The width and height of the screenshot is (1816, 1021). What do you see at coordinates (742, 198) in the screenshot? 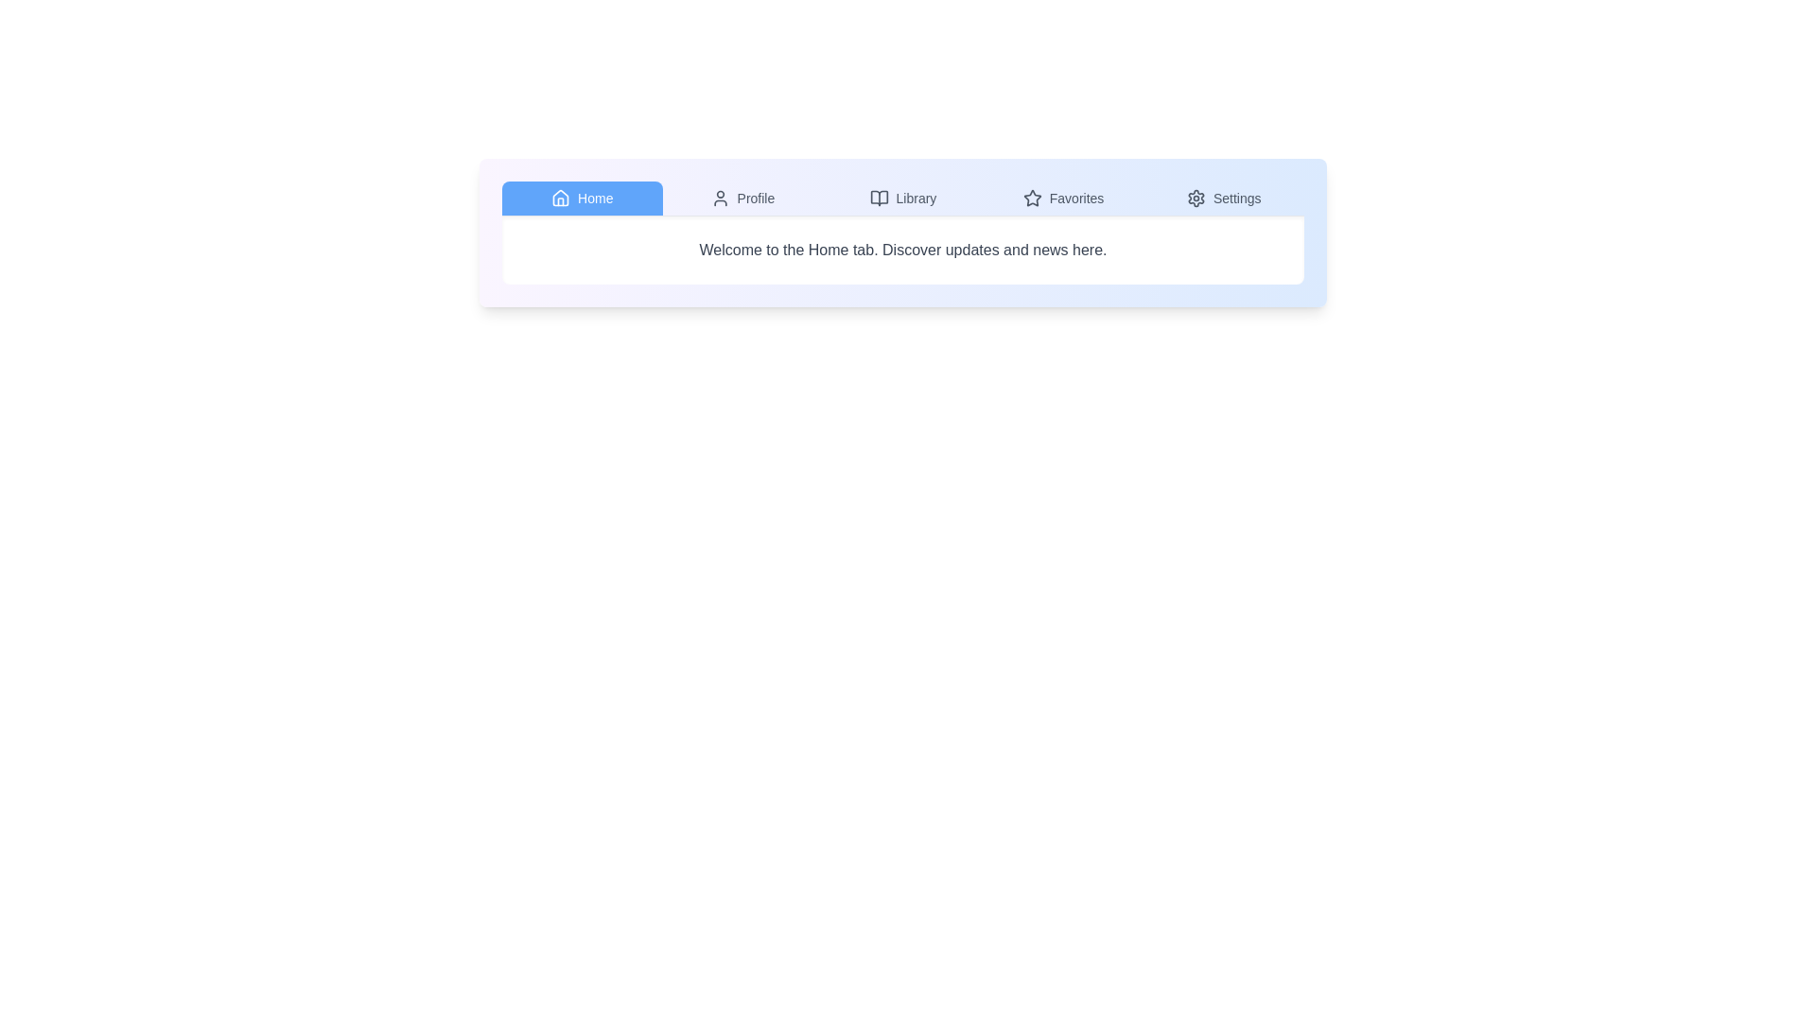
I see `the 'Profile' navigation tab located in the horizontal navigation bar at the top of the page to transition to the Profile section` at bounding box center [742, 198].